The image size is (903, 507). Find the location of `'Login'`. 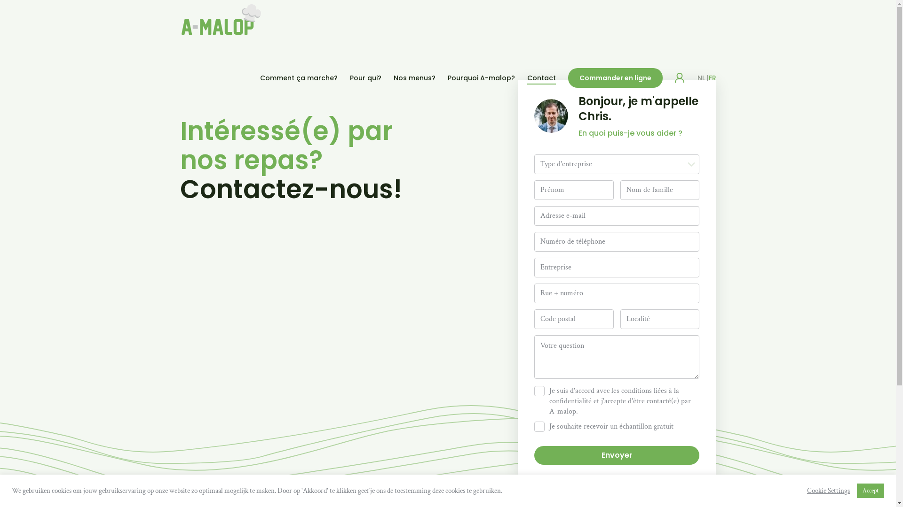

'Login' is located at coordinates (679, 77).